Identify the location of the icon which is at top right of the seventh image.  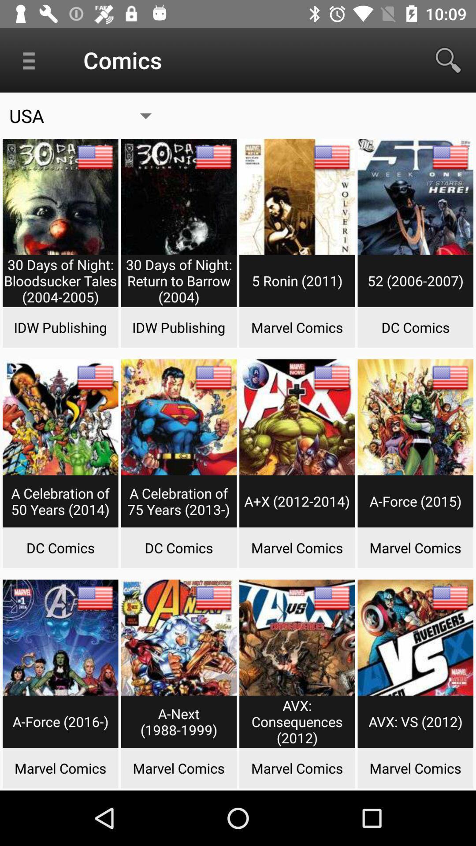
(331, 378).